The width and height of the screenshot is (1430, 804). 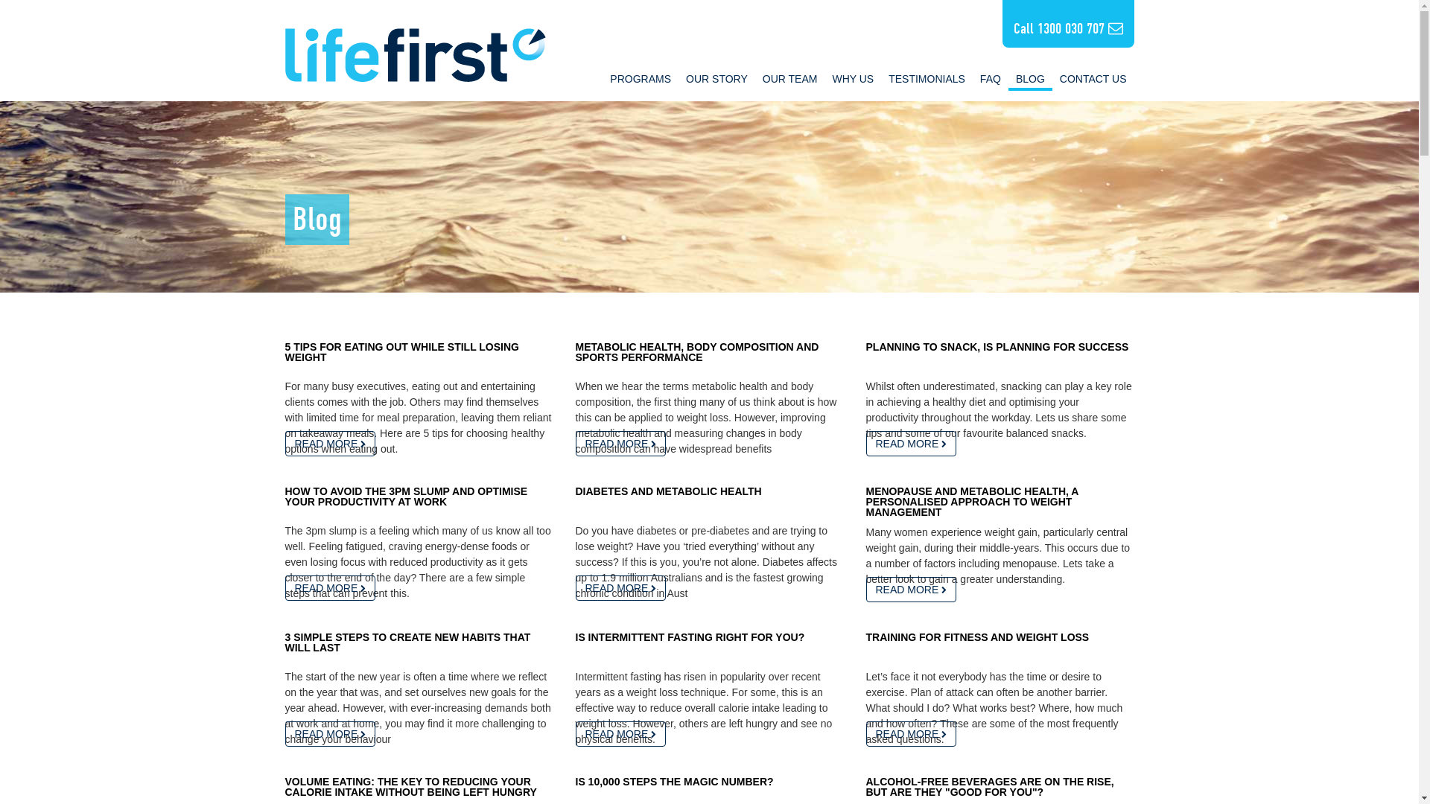 What do you see at coordinates (1079, 28) in the screenshot?
I see `'1300 030 707'` at bounding box center [1079, 28].